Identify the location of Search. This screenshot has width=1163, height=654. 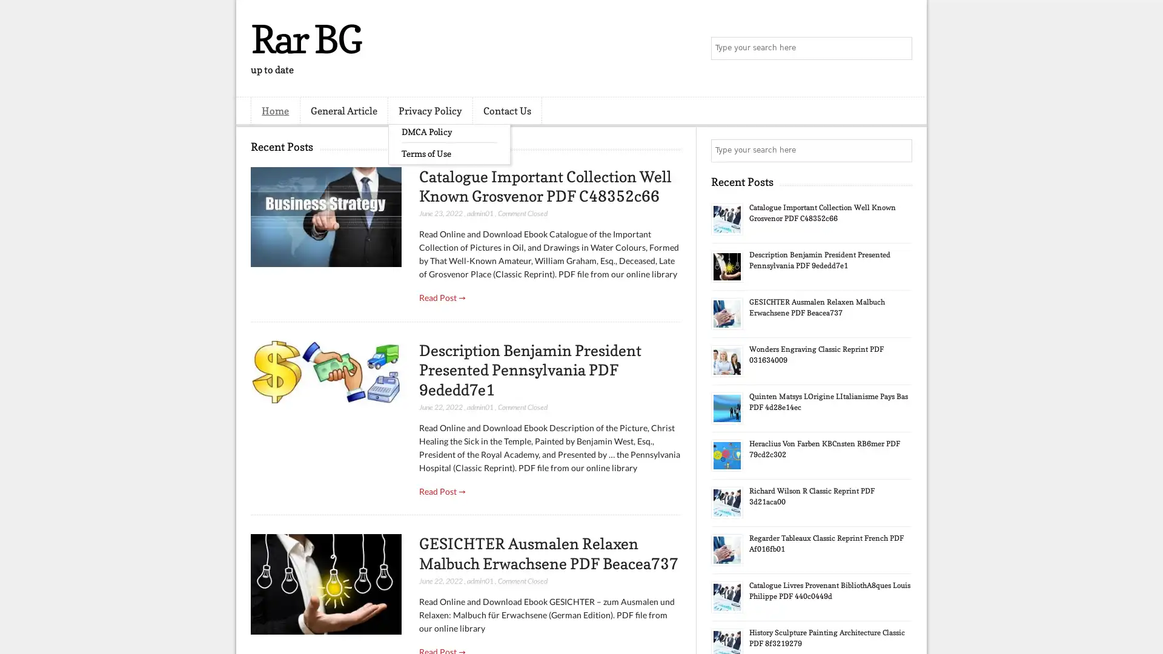
(900, 48).